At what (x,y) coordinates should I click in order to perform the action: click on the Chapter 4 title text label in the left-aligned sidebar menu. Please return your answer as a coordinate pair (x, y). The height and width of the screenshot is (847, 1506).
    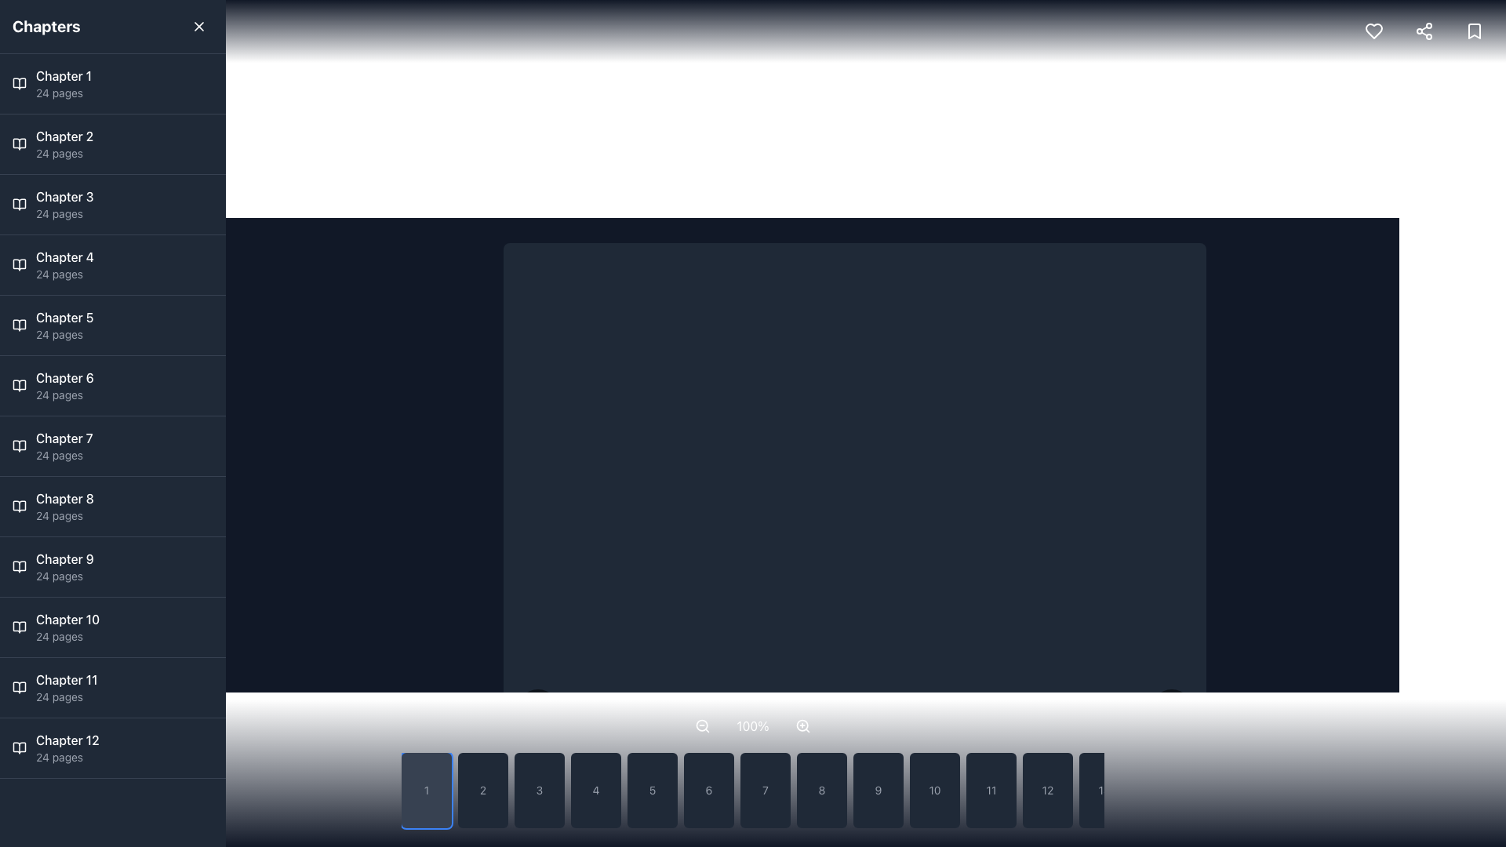
    Looking at the image, I should click on (64, 256).